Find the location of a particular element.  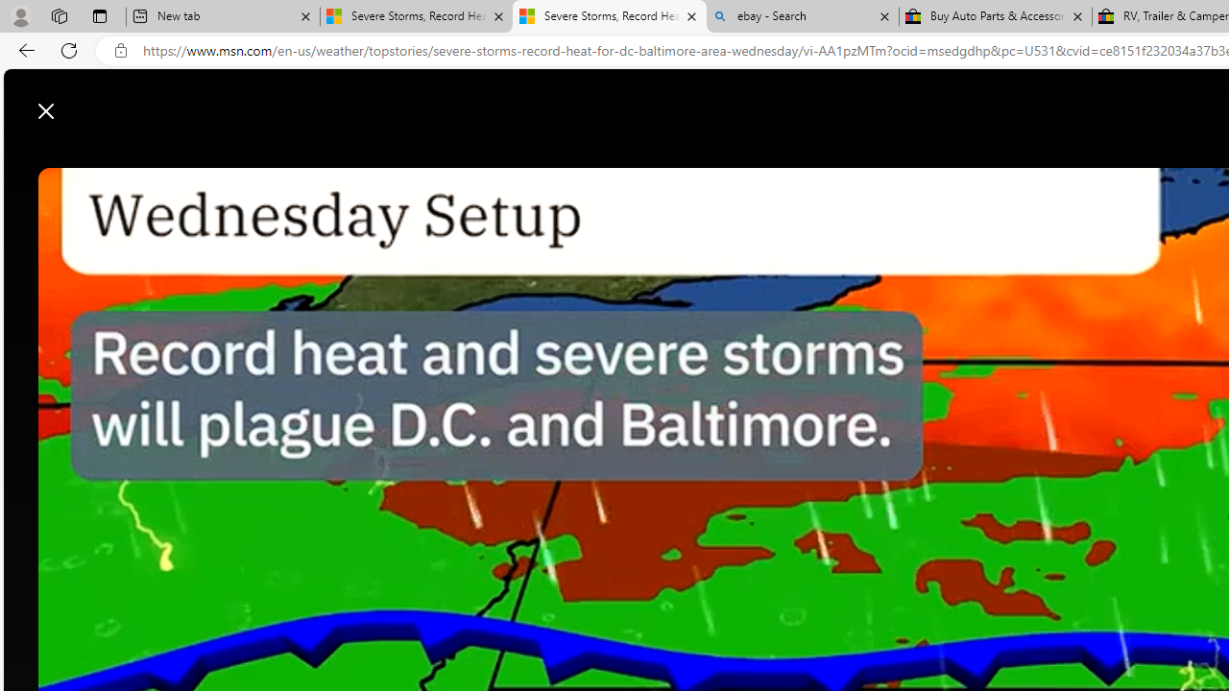

'Buy Auto Parts & Accessories | eBay' is located at coordinates (995, 16).